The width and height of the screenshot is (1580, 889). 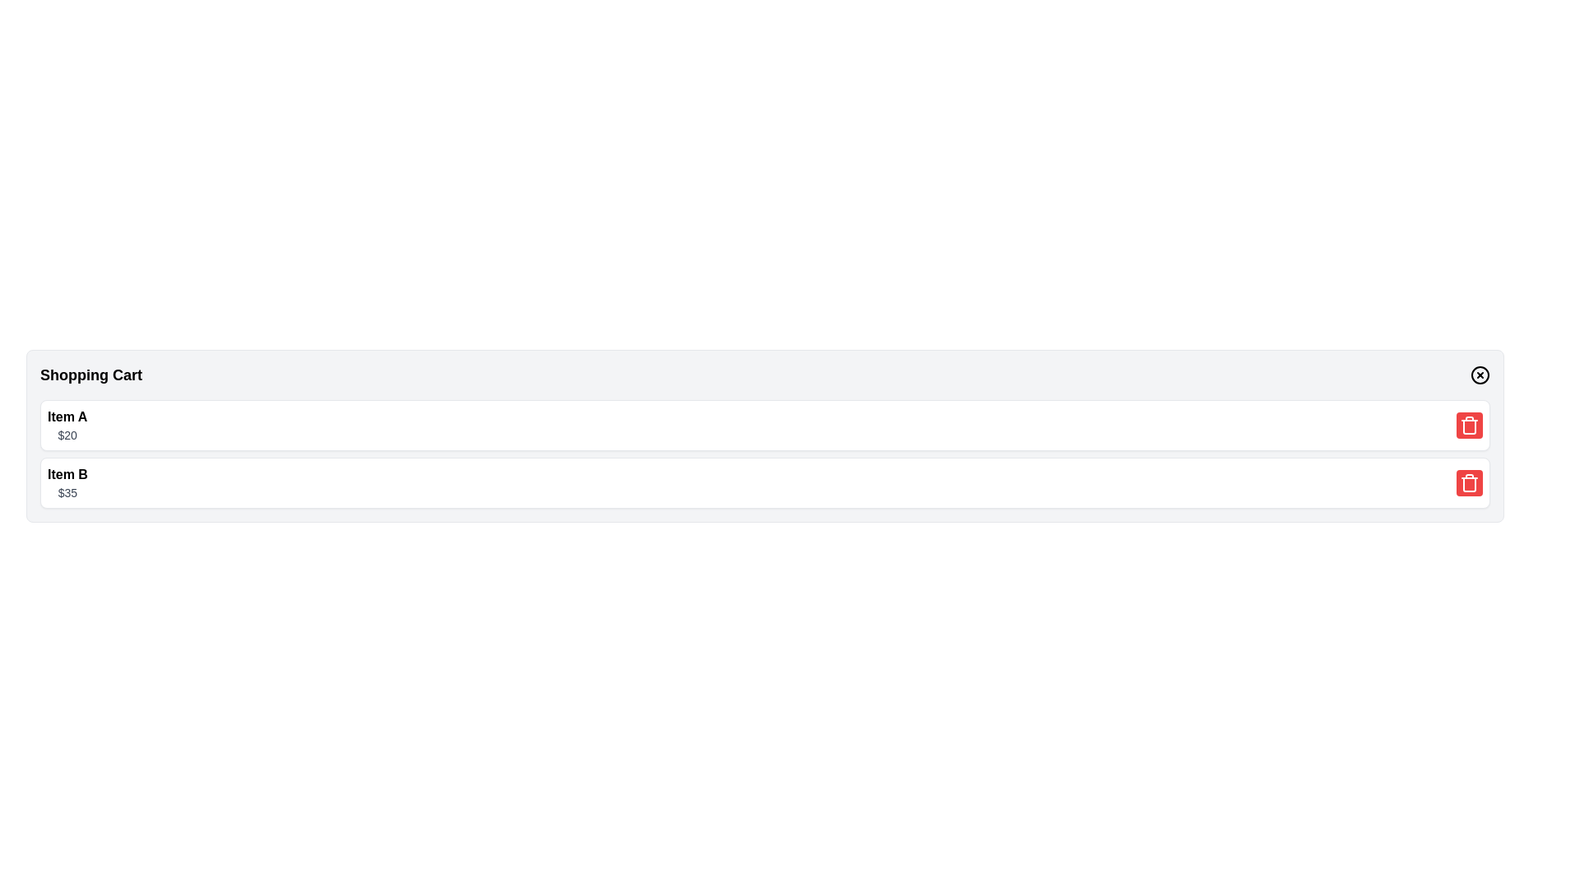 What do you see at coordinates (1469, 482) in the screenshot?
I see `the trash bin button with a red background located on the right side of 'Item B' in the list view` at bounding box center [1469, 482].